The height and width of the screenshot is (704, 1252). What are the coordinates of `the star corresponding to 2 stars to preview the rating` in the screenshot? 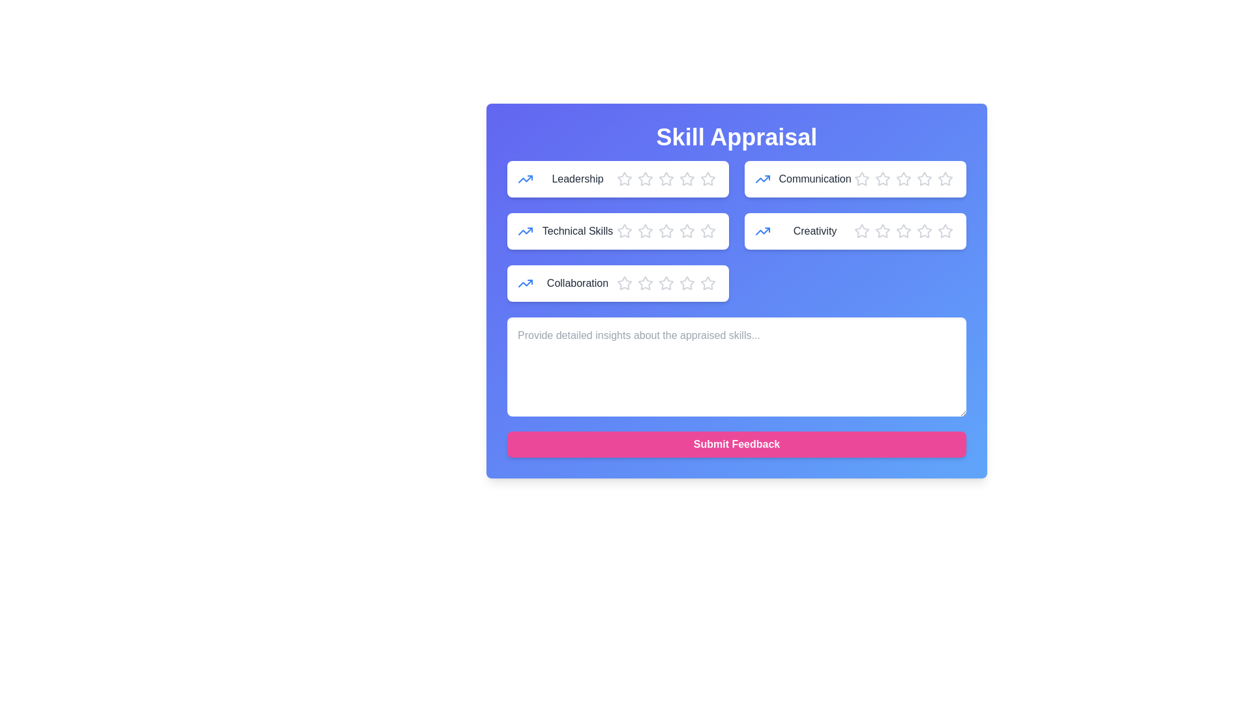 It's located at (645, 179).